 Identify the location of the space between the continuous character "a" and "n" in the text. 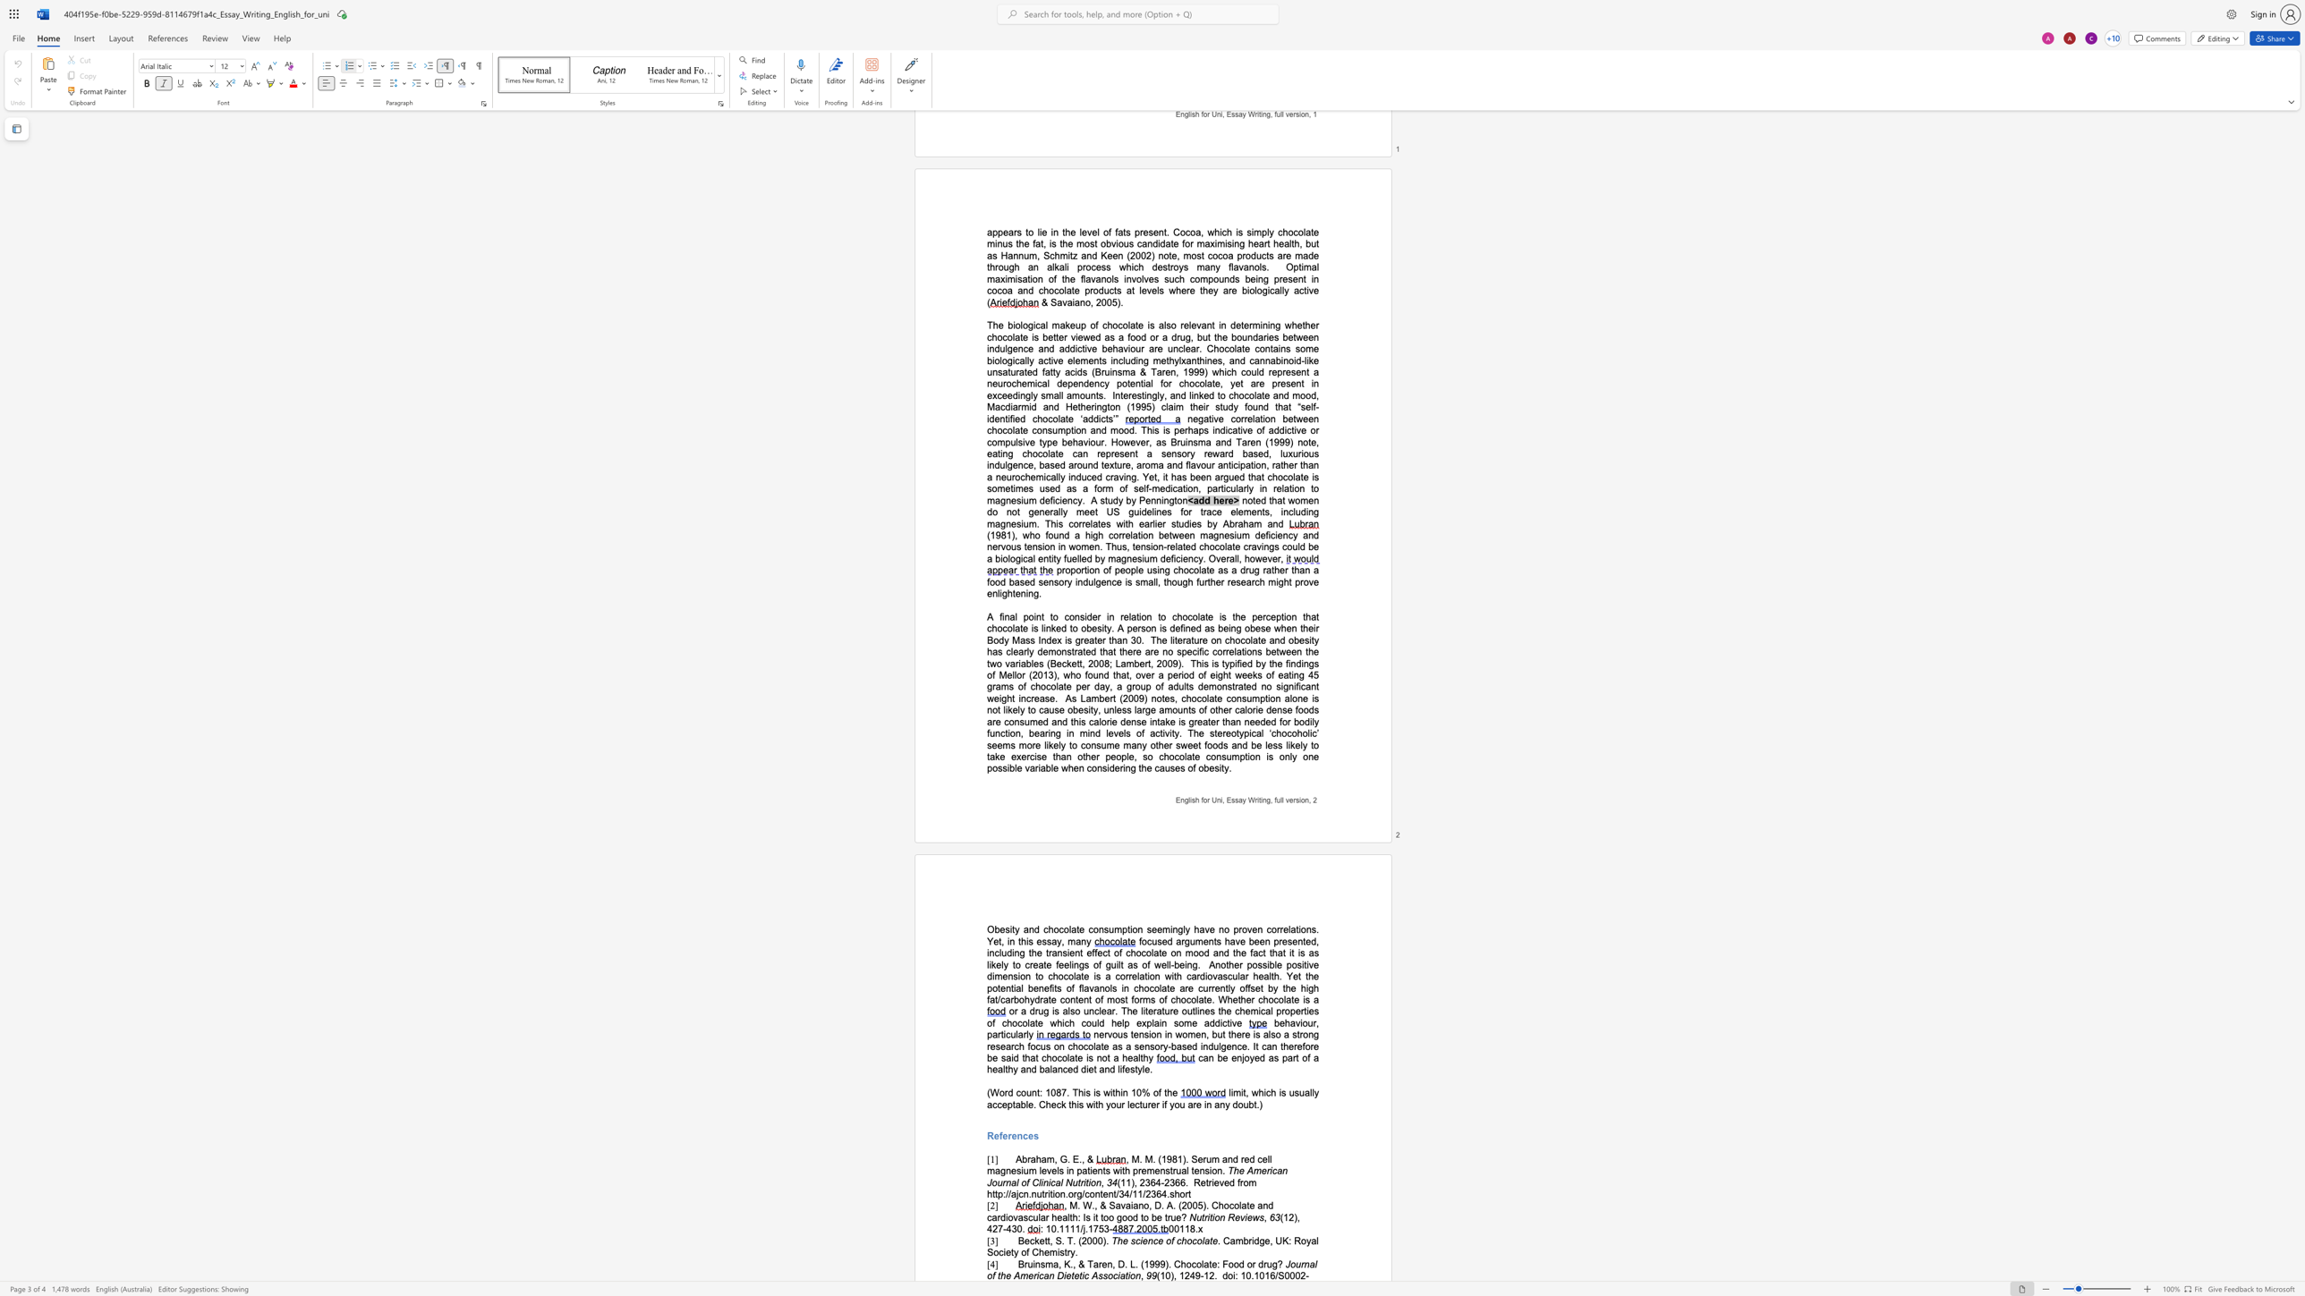
(1048, 1275).